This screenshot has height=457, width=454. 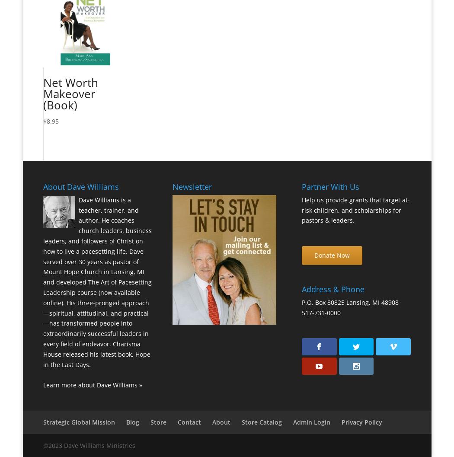 What do you see at coordinates (221, 422) in the screenshot?
I see `'About'` at bounding box center [221, 422].